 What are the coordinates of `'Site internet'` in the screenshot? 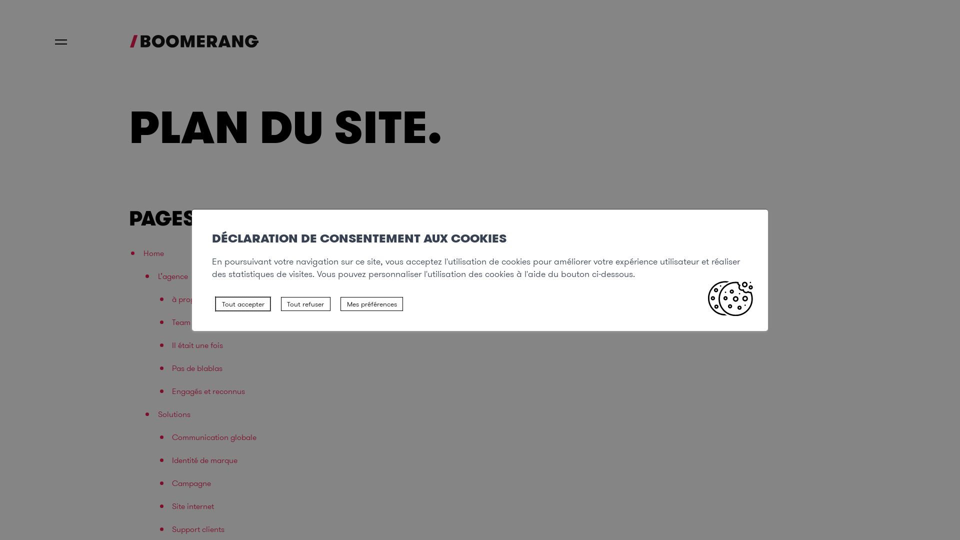 It's located at (192, 505).